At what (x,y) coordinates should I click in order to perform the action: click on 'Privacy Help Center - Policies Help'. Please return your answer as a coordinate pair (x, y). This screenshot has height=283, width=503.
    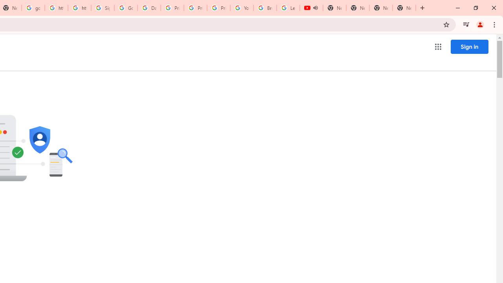
    Looking at the image, I should click on (195, 8).